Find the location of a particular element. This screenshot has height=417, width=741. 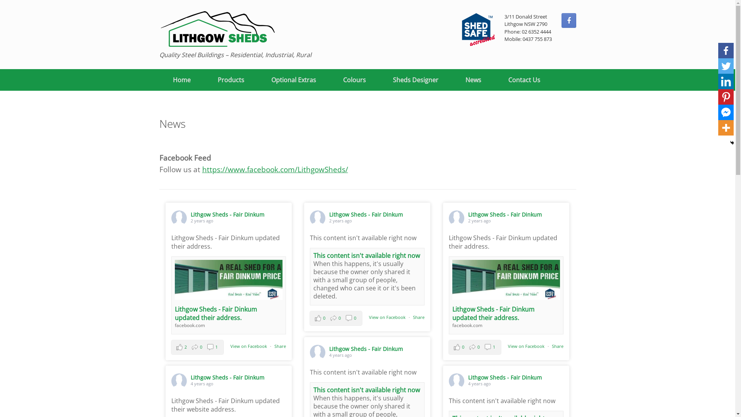

'Optional Extras' is located at coordinates (257, 80).